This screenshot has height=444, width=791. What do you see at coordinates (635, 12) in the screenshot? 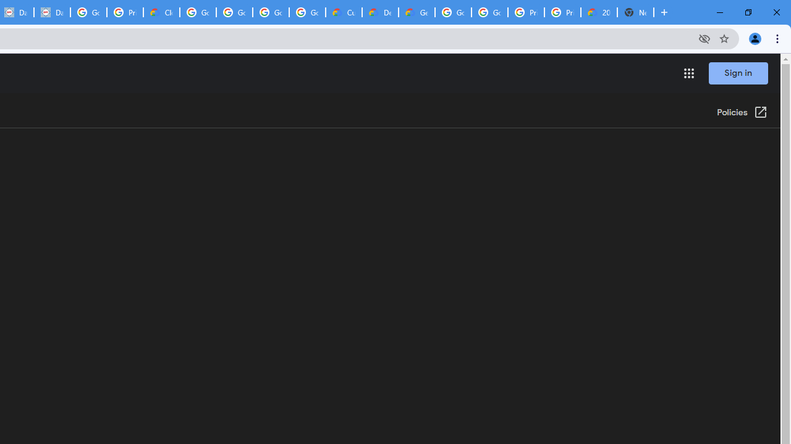
I see `'New Tab'` at bounding box center [635, 12].